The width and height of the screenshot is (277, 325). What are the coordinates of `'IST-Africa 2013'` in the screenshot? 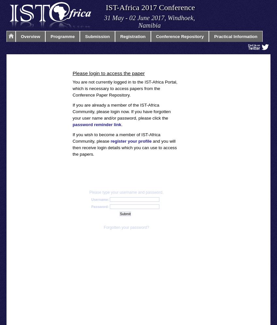 It's located at (88, 81).